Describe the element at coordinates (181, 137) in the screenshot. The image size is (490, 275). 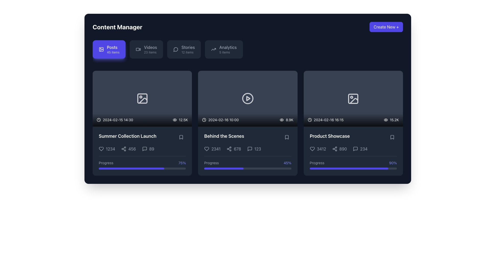
I see `the minimalist bookmark icon located in the 'Summer Collection Launch' section, positioned near the top-right corner next to the heart-shaped icon` at that location.